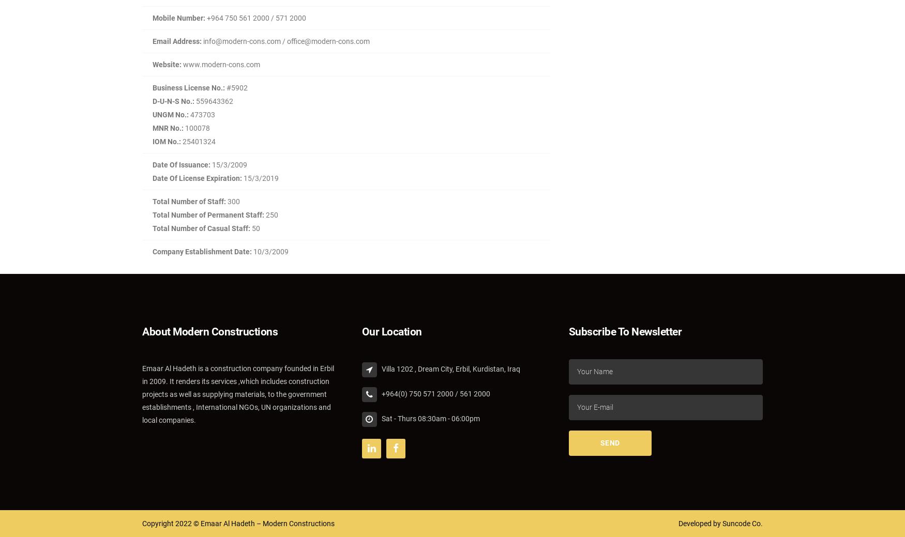 The width and height of the screenshot is (905, 537). Describe the element at coordinates (171, 115) in the screenshot. I see `'UNGM No.:'` at that location.